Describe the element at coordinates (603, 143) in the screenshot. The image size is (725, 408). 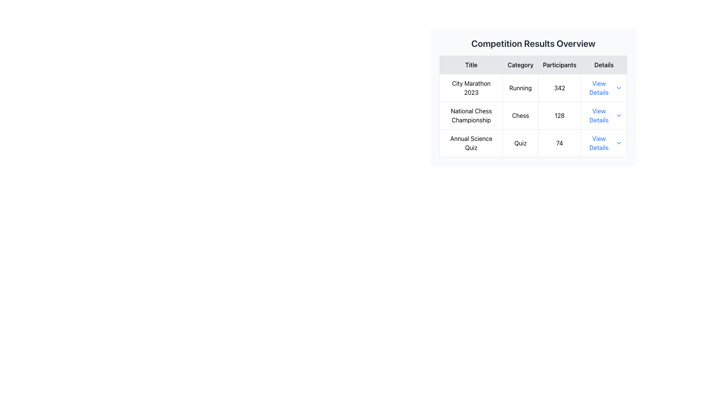
I see `the third 'View Details' button` at that location.